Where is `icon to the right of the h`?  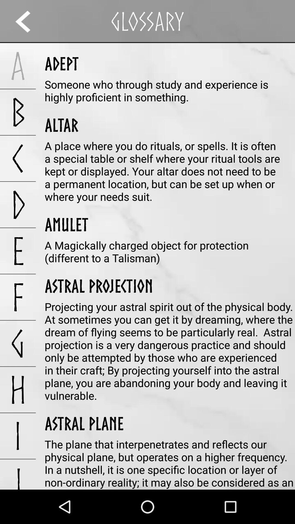
icon to the right of the h is located at coordinates (84, 423).